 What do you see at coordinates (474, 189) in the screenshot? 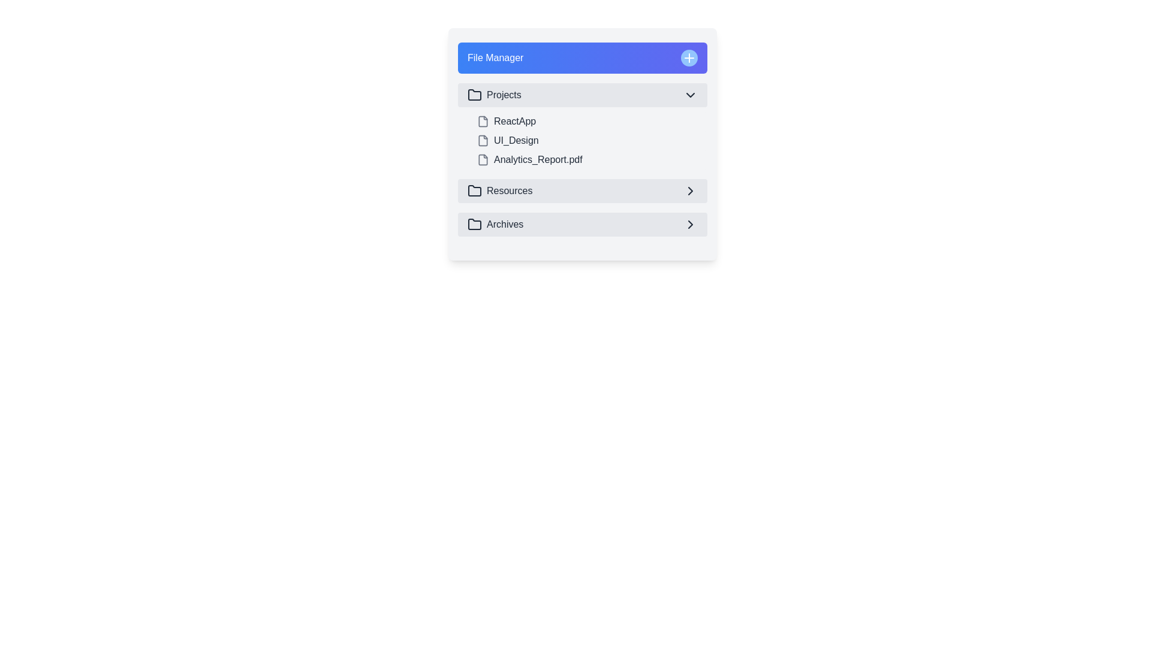
I see `the folder icon labeled 'Resources' located in the vertical list under 'File Manager', positioned between 'Projects' and 'Archives'` at bounding box center [474, 189].